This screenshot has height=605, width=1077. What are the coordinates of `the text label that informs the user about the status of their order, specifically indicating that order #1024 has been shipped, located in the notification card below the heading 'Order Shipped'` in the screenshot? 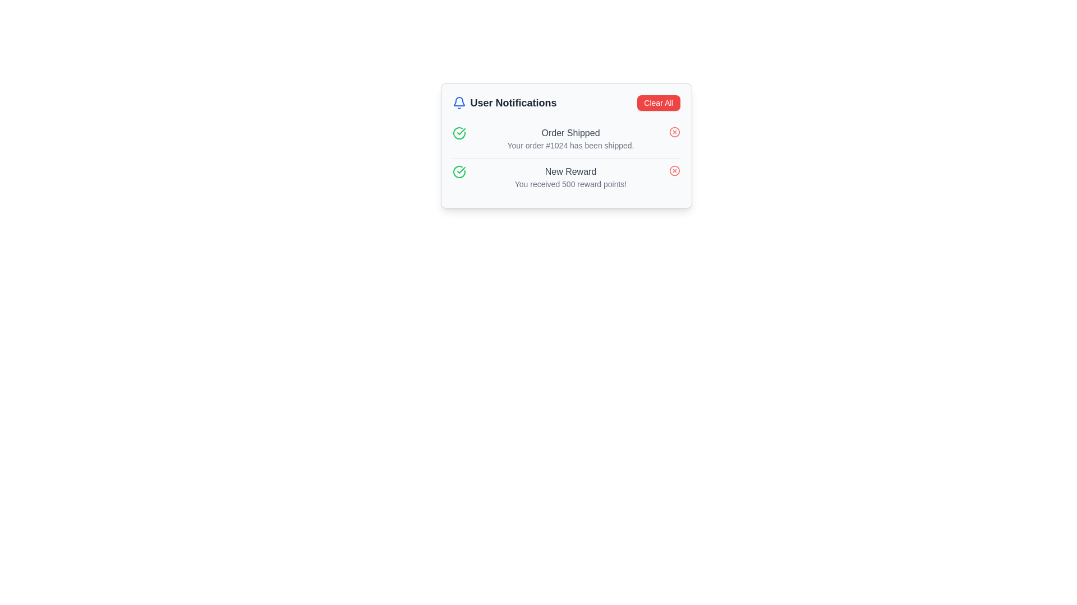 It's located at (570, 145).